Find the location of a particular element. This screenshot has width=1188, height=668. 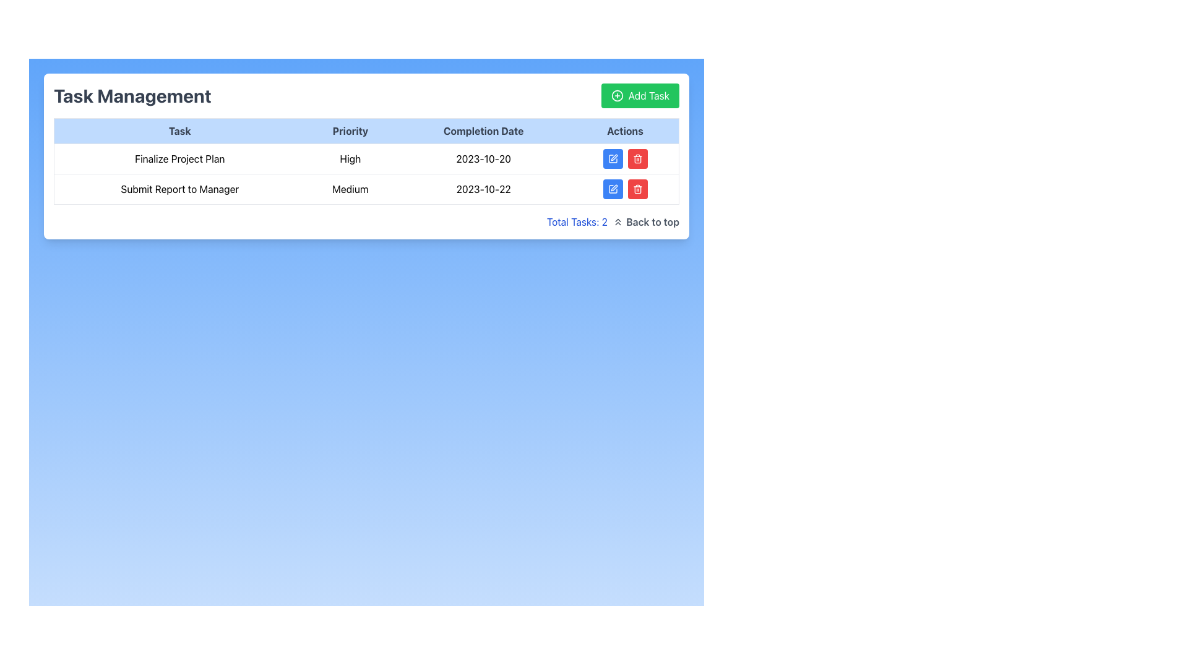

the second row in the task management table labeled 'Submit Report to Manager' is located at coordinates (366, 189).